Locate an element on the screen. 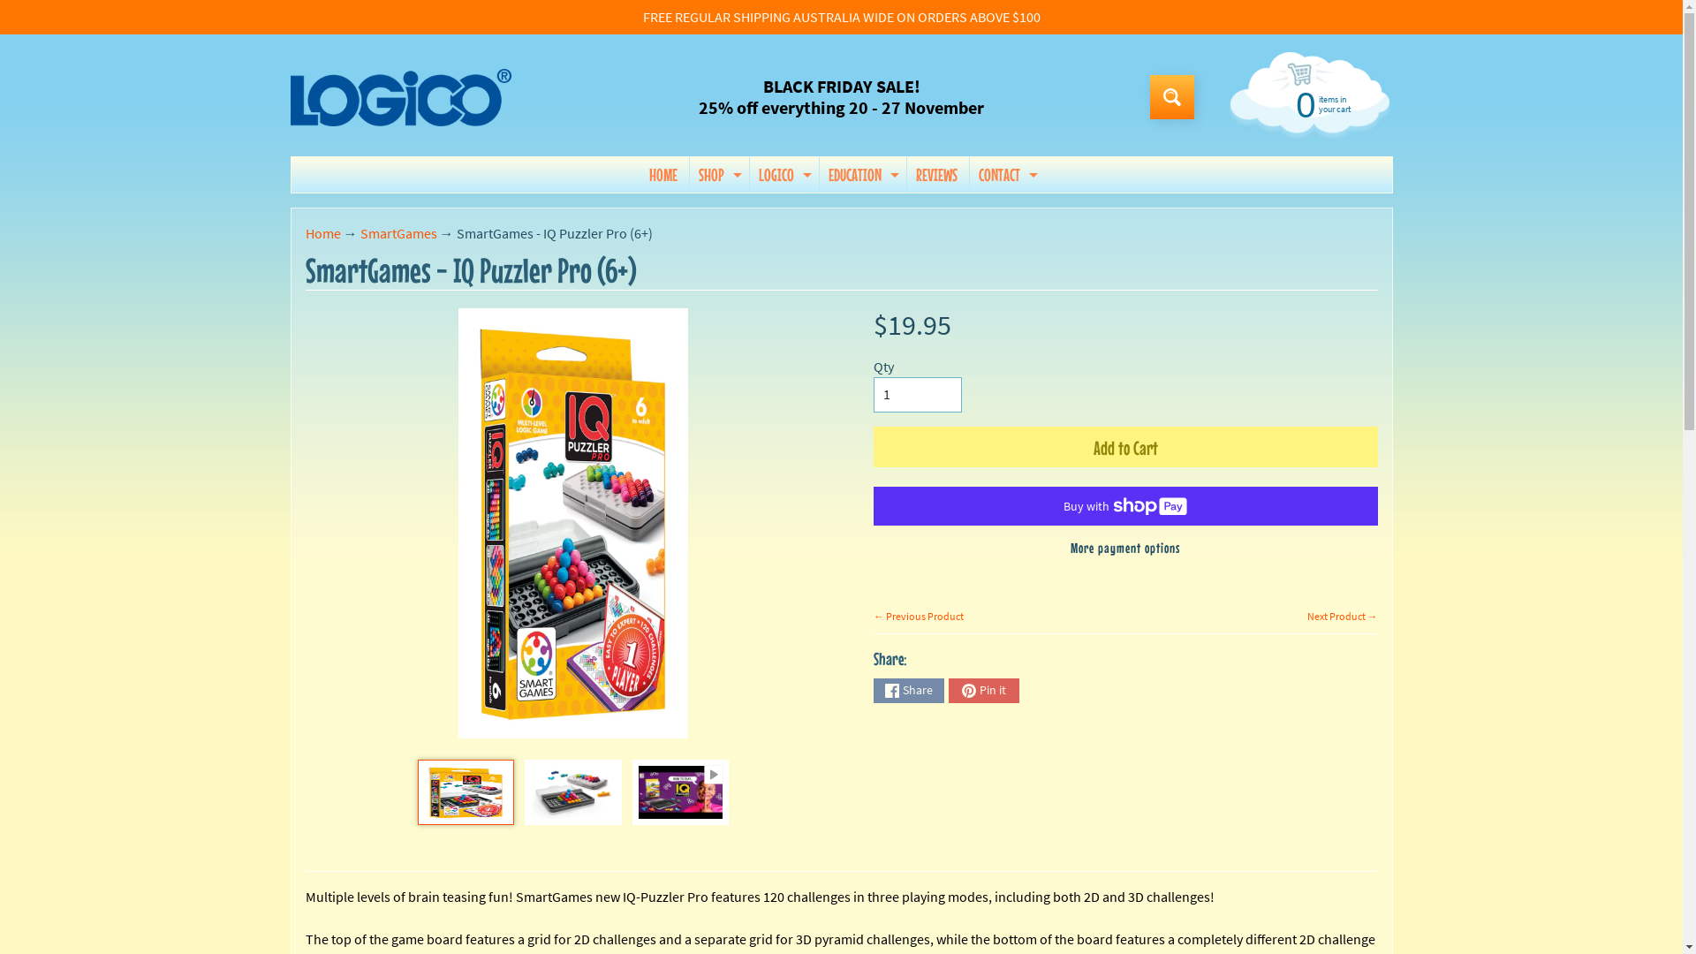 Image resolution: width=1696 pixels, height=954 pixels. 'CONTACT is located at coordinates (1005, 174).